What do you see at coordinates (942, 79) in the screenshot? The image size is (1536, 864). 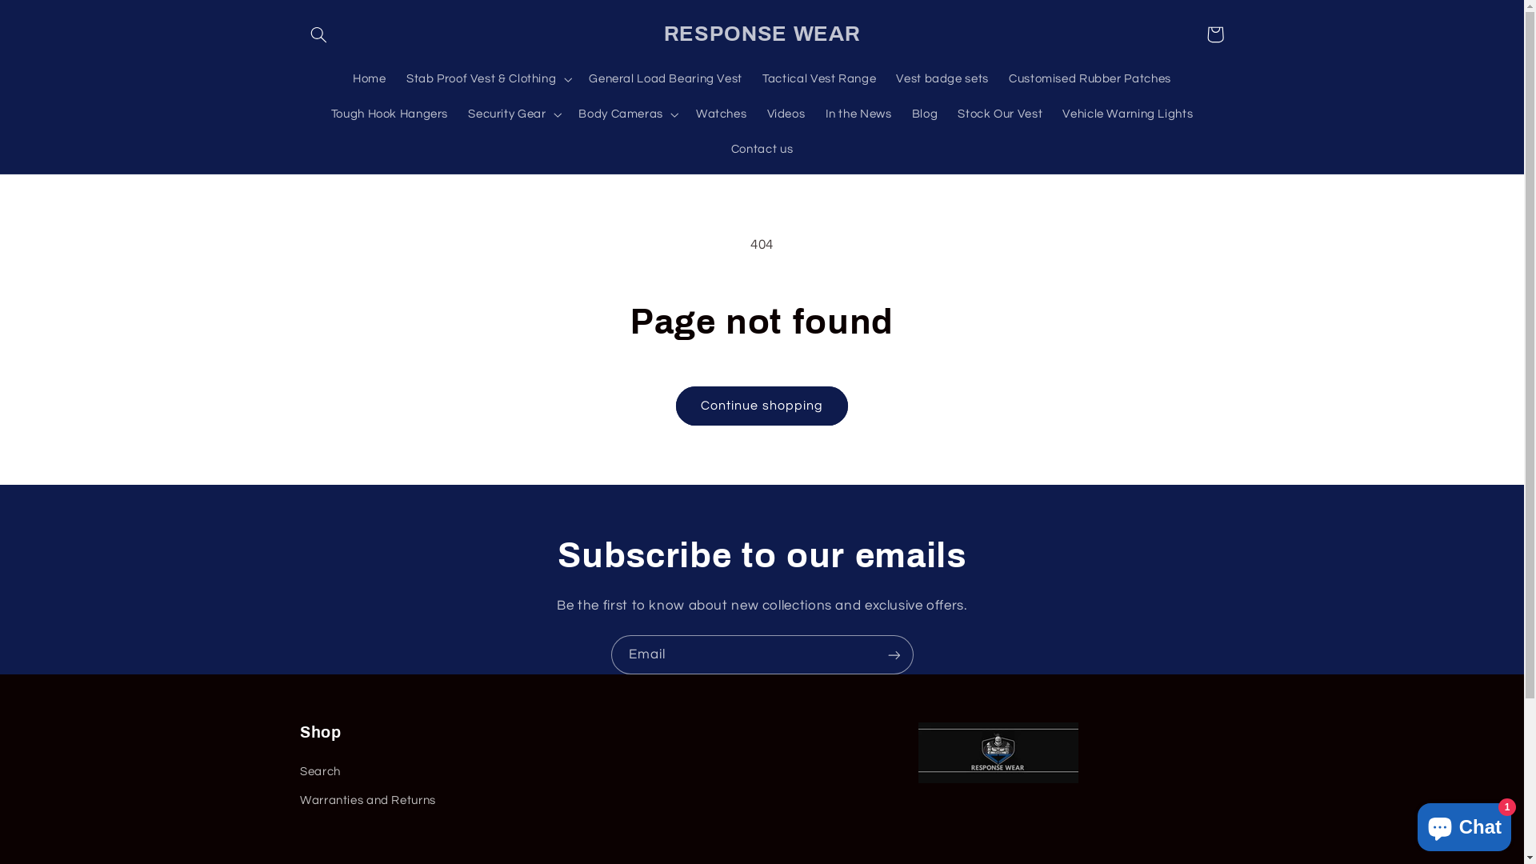 I see `'Vest badge sets'` at bounding box center [942, 79].